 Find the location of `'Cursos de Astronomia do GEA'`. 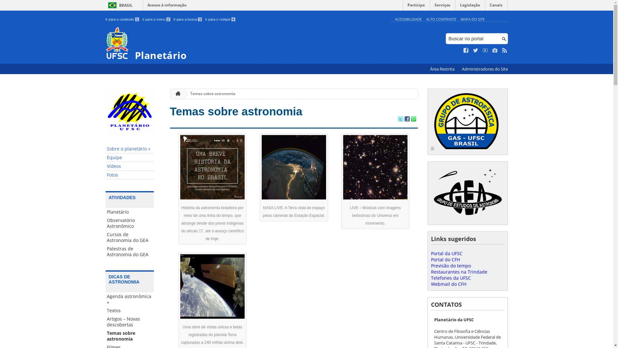

'Cursos de Astronomia do GEA' is located at coordinates (129, 237).